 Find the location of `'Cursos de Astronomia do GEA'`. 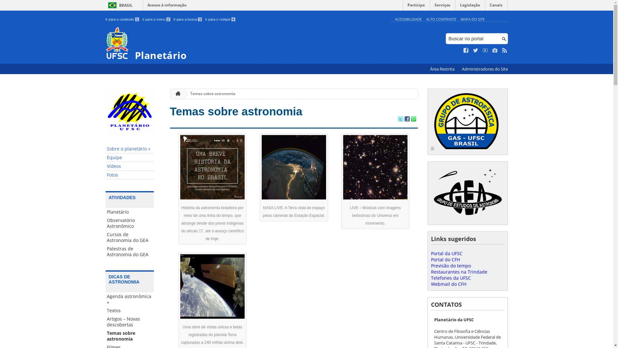

'Cursos de Astronomia do GEA' is located at coordinates (129, 237).